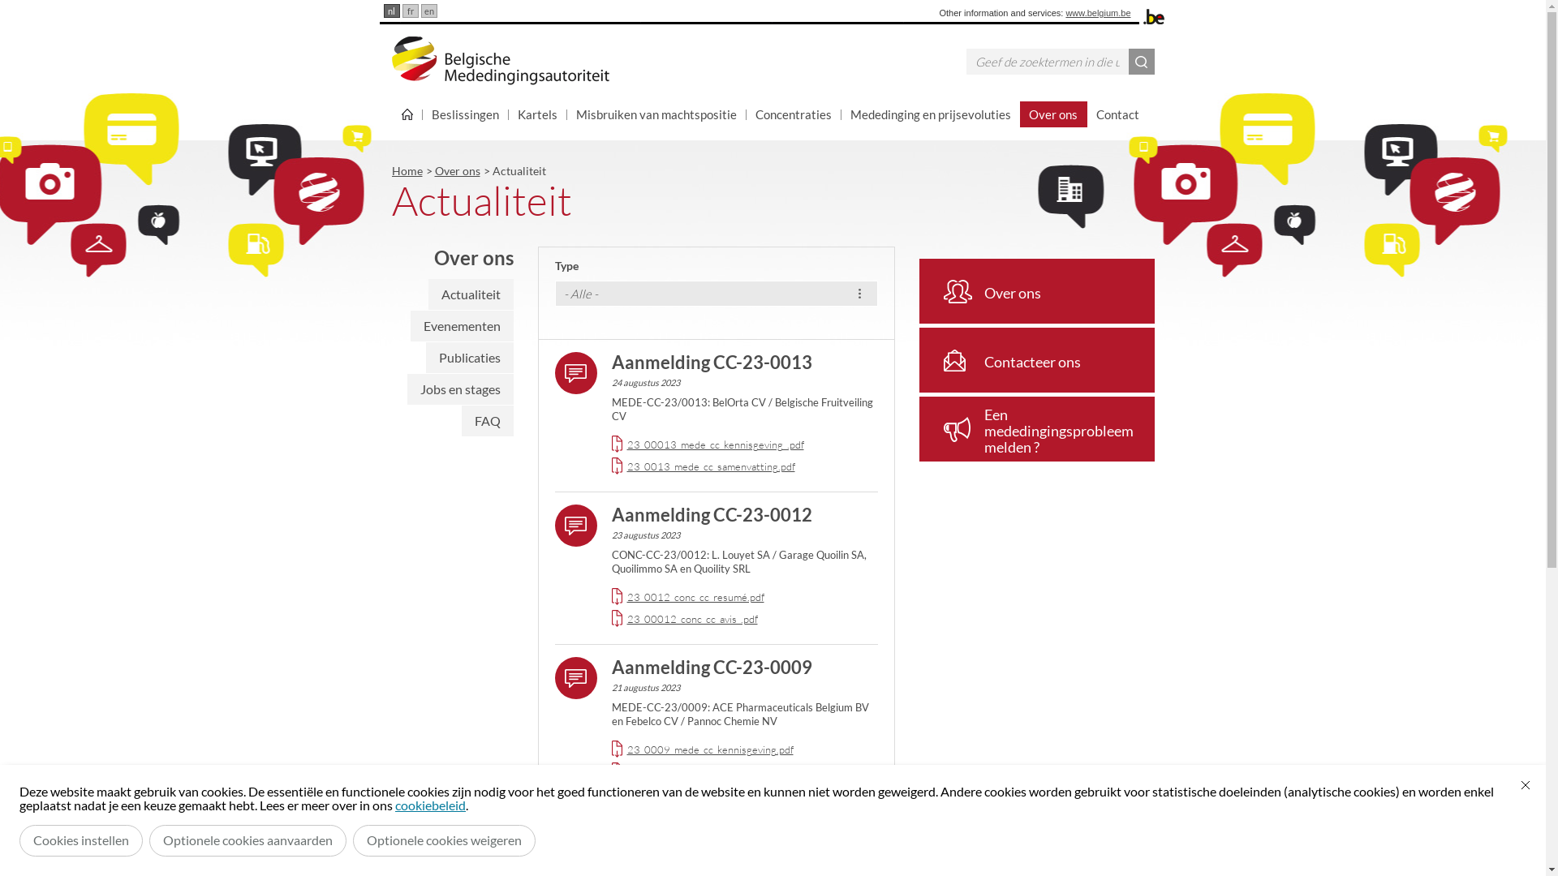  What do you see at coordinates (710, 466) in the screenshot?
I see `'23_0013_mede_cc_samenvatting.pdf'` at bounding box center [710, 466].